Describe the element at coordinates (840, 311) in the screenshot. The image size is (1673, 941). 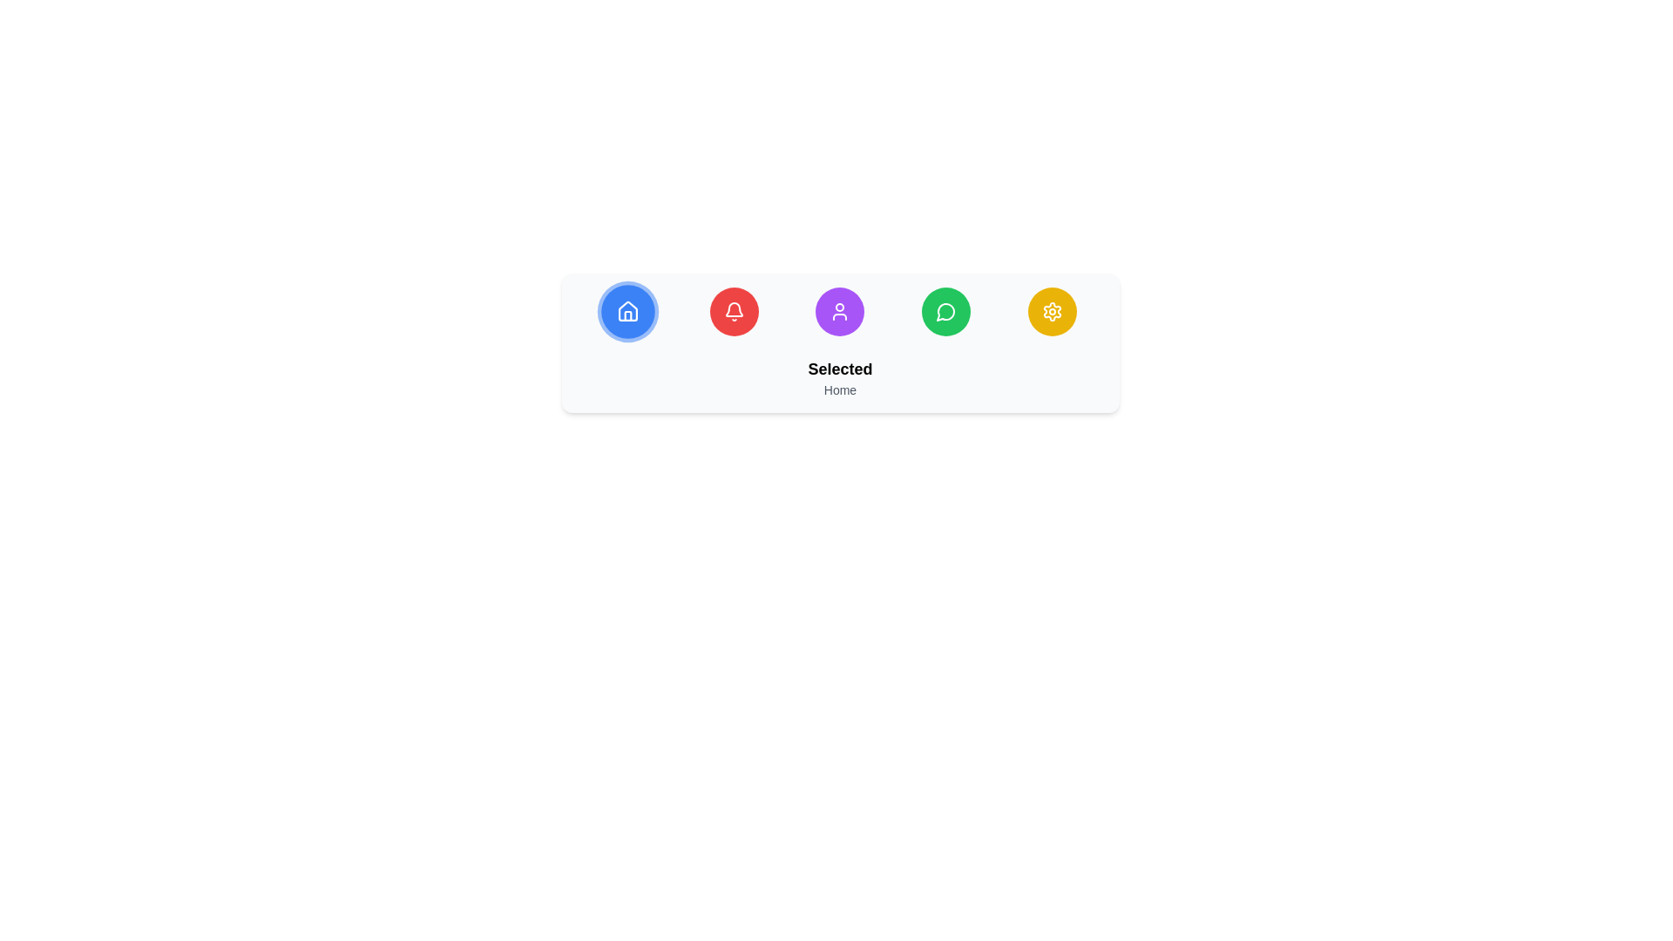
I see `the circular button with a purple background and white user icon, which is the fourth button in a group of five` at that location.